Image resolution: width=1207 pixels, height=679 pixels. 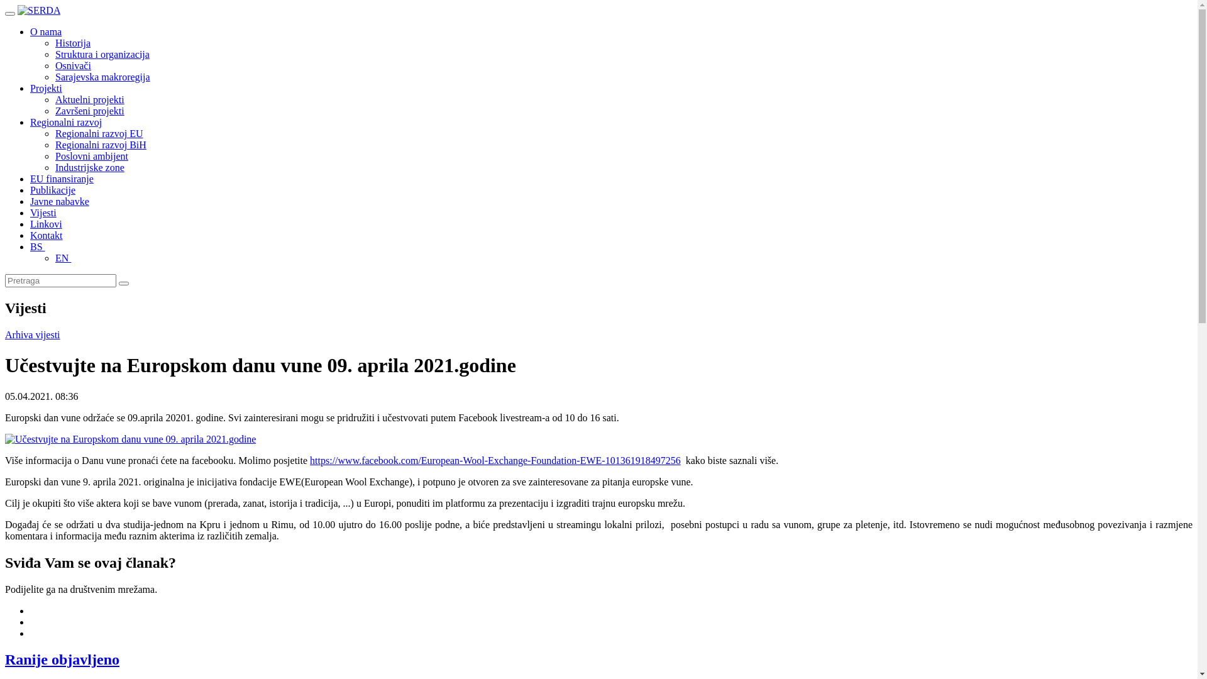 What do you see at coordinates (89, 99) in the screenshot?
I see `'Aktuelni projekti'` at bounding box center [89, 99].